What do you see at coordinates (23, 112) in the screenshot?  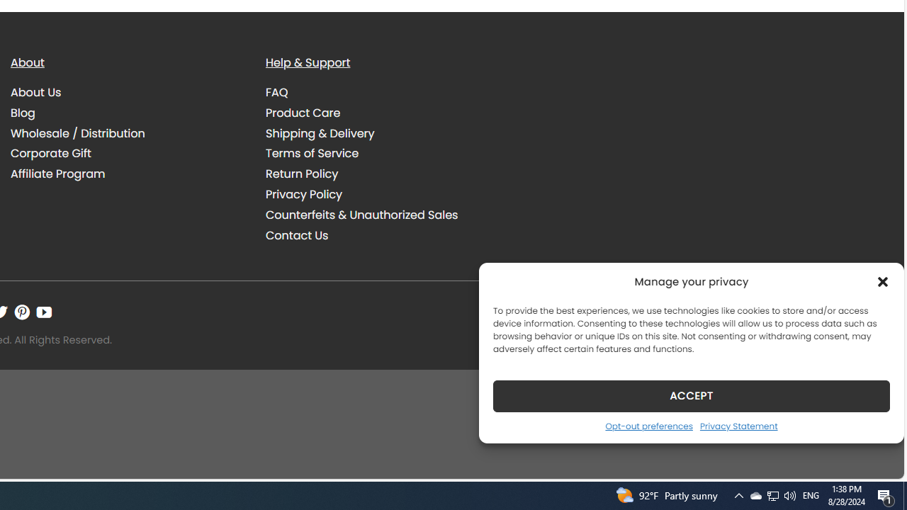 I see `'Blog'` at bounding box center [23, 112].